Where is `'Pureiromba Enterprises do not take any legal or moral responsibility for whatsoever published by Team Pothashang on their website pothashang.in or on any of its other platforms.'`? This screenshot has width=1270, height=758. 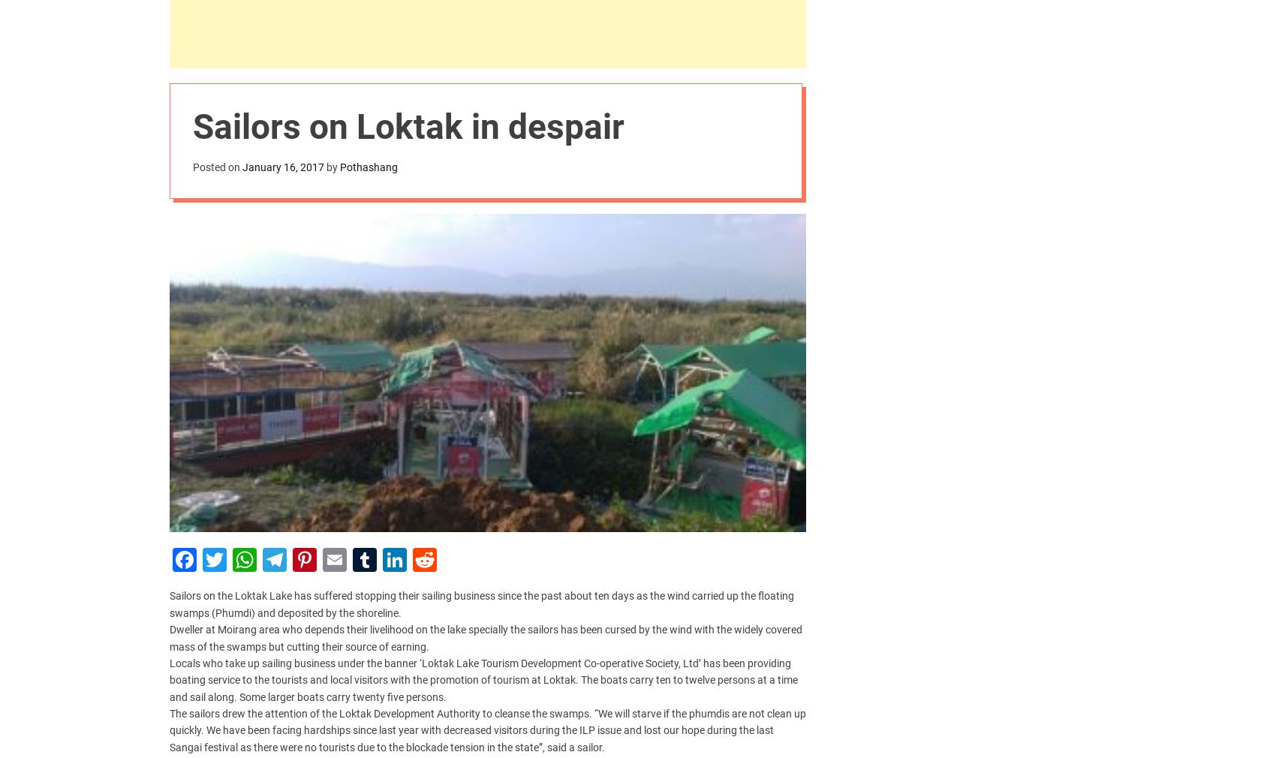 'Pureiromba Enterprises do not take any legal or moral responsibility for whatsoever published by Team Pothashang on their website pothashang.in or on any of its other platforms.' is located at coordinates (398, 476).